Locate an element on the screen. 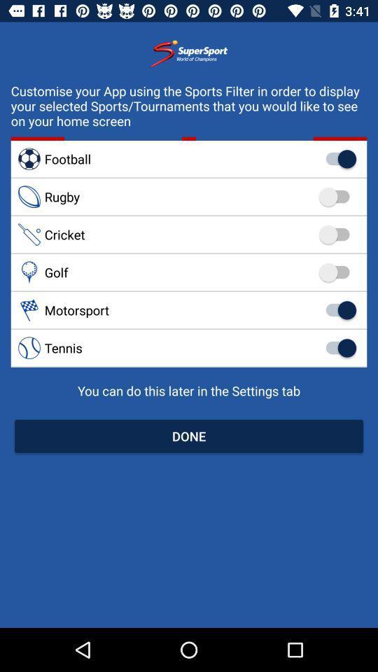 This screenshot has height=672, width=378. golf item is located at coordinates (189, 272).